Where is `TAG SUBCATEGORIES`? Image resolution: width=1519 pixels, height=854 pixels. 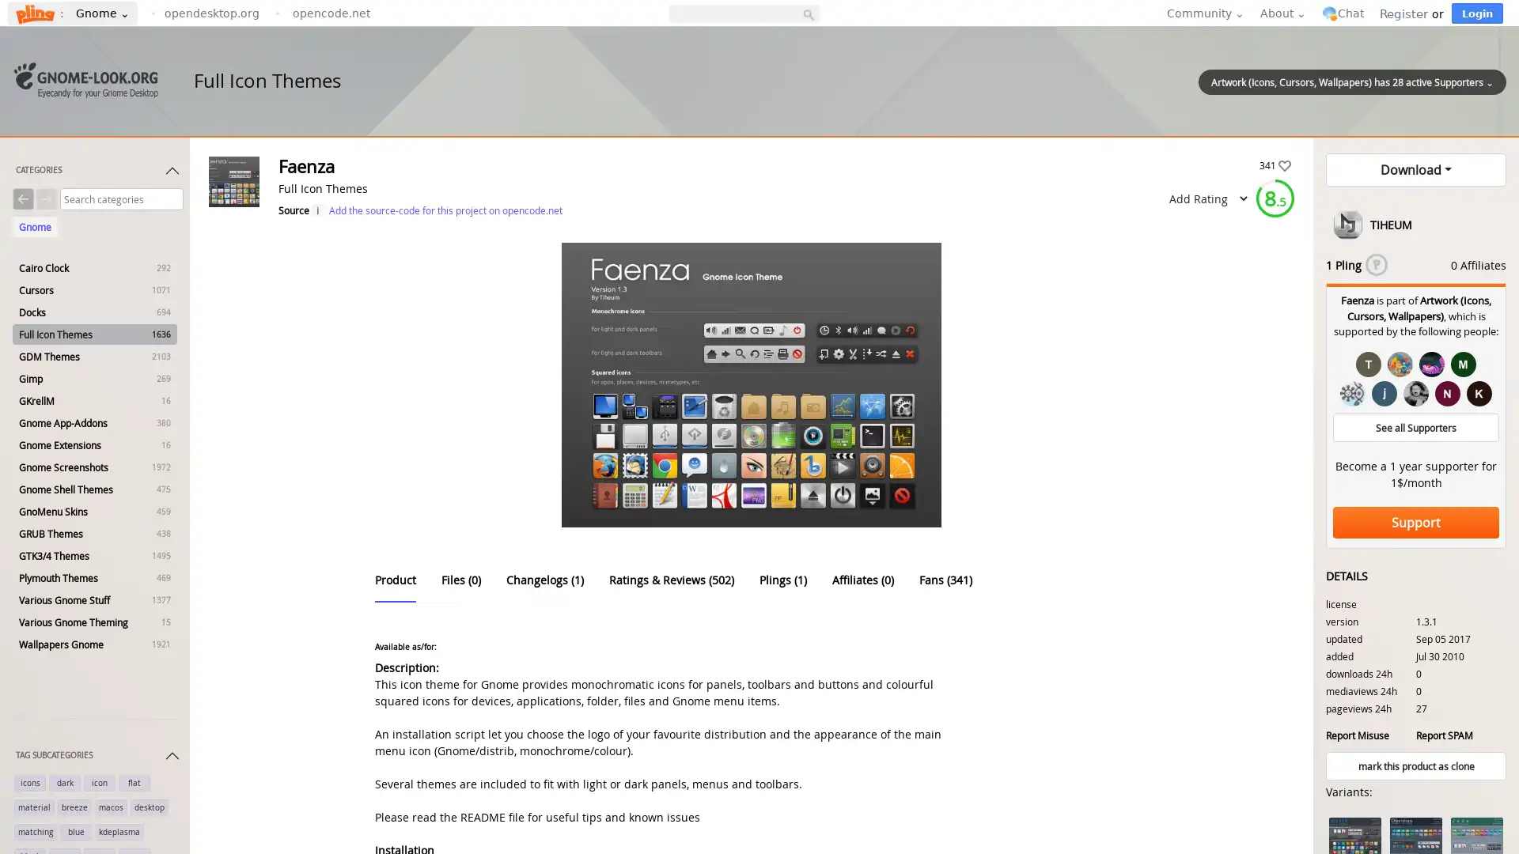
TAG SUBCATEGORIES is located at coordinates (97, 758).